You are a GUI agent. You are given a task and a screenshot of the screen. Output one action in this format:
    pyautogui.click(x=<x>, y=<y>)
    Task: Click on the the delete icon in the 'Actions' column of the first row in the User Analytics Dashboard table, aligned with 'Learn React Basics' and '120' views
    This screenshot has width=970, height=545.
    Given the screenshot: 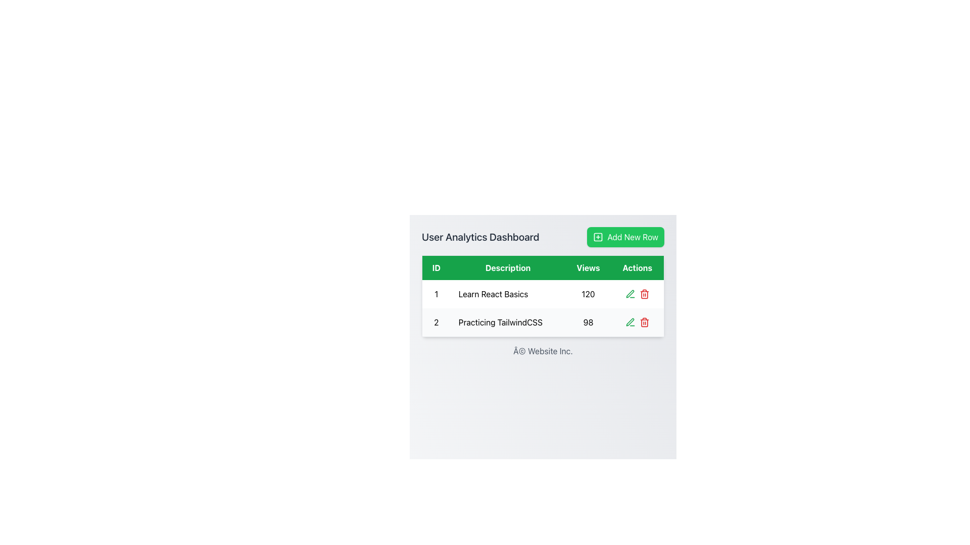 What is the action you would take?
    pyautogui.click(x=637, y=294)
    